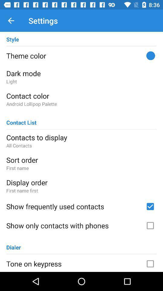  I want to click on icon above show only contacts item, so click(74, 206).